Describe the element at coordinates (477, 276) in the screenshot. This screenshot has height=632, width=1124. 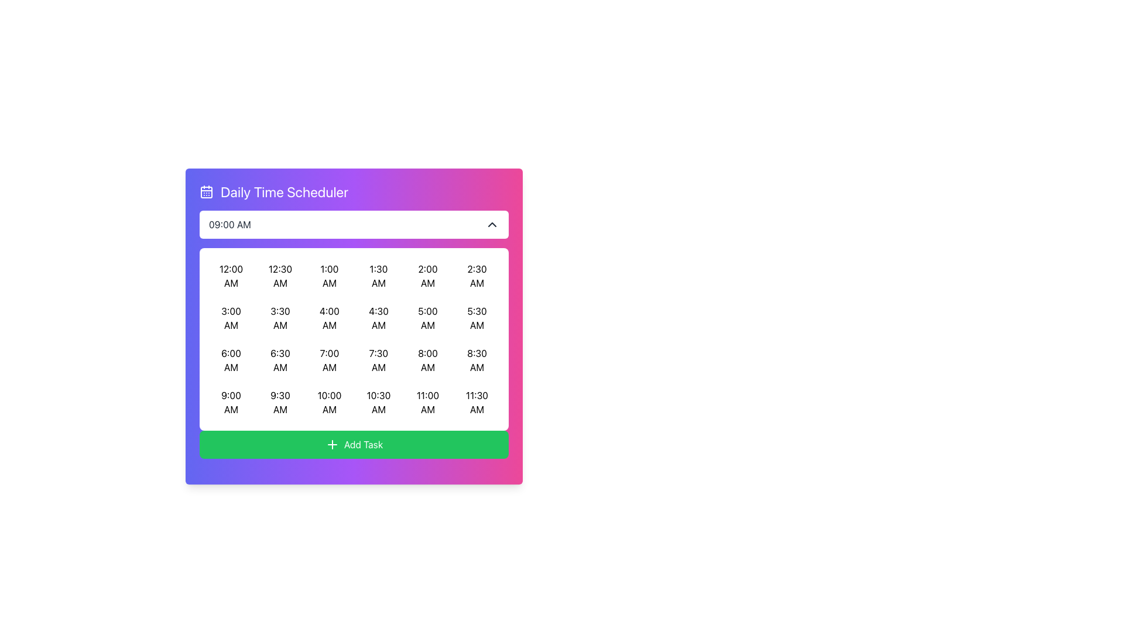
I see `the time slot button for '2:30 AM' in the scheduling interface to visualize the hover effect` at that location.